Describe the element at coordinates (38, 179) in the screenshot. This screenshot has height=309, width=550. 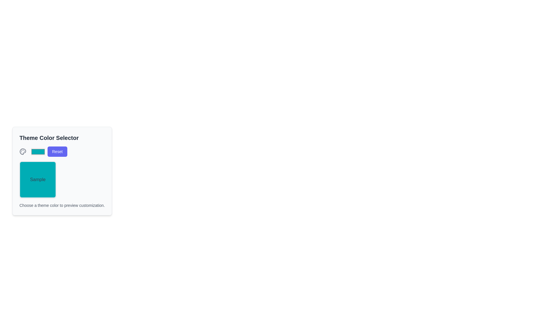
I see `the centered text label that provides content or information, located beneath the reset button and aligned to the left of the 'Theme Color Selector' title` at that location.